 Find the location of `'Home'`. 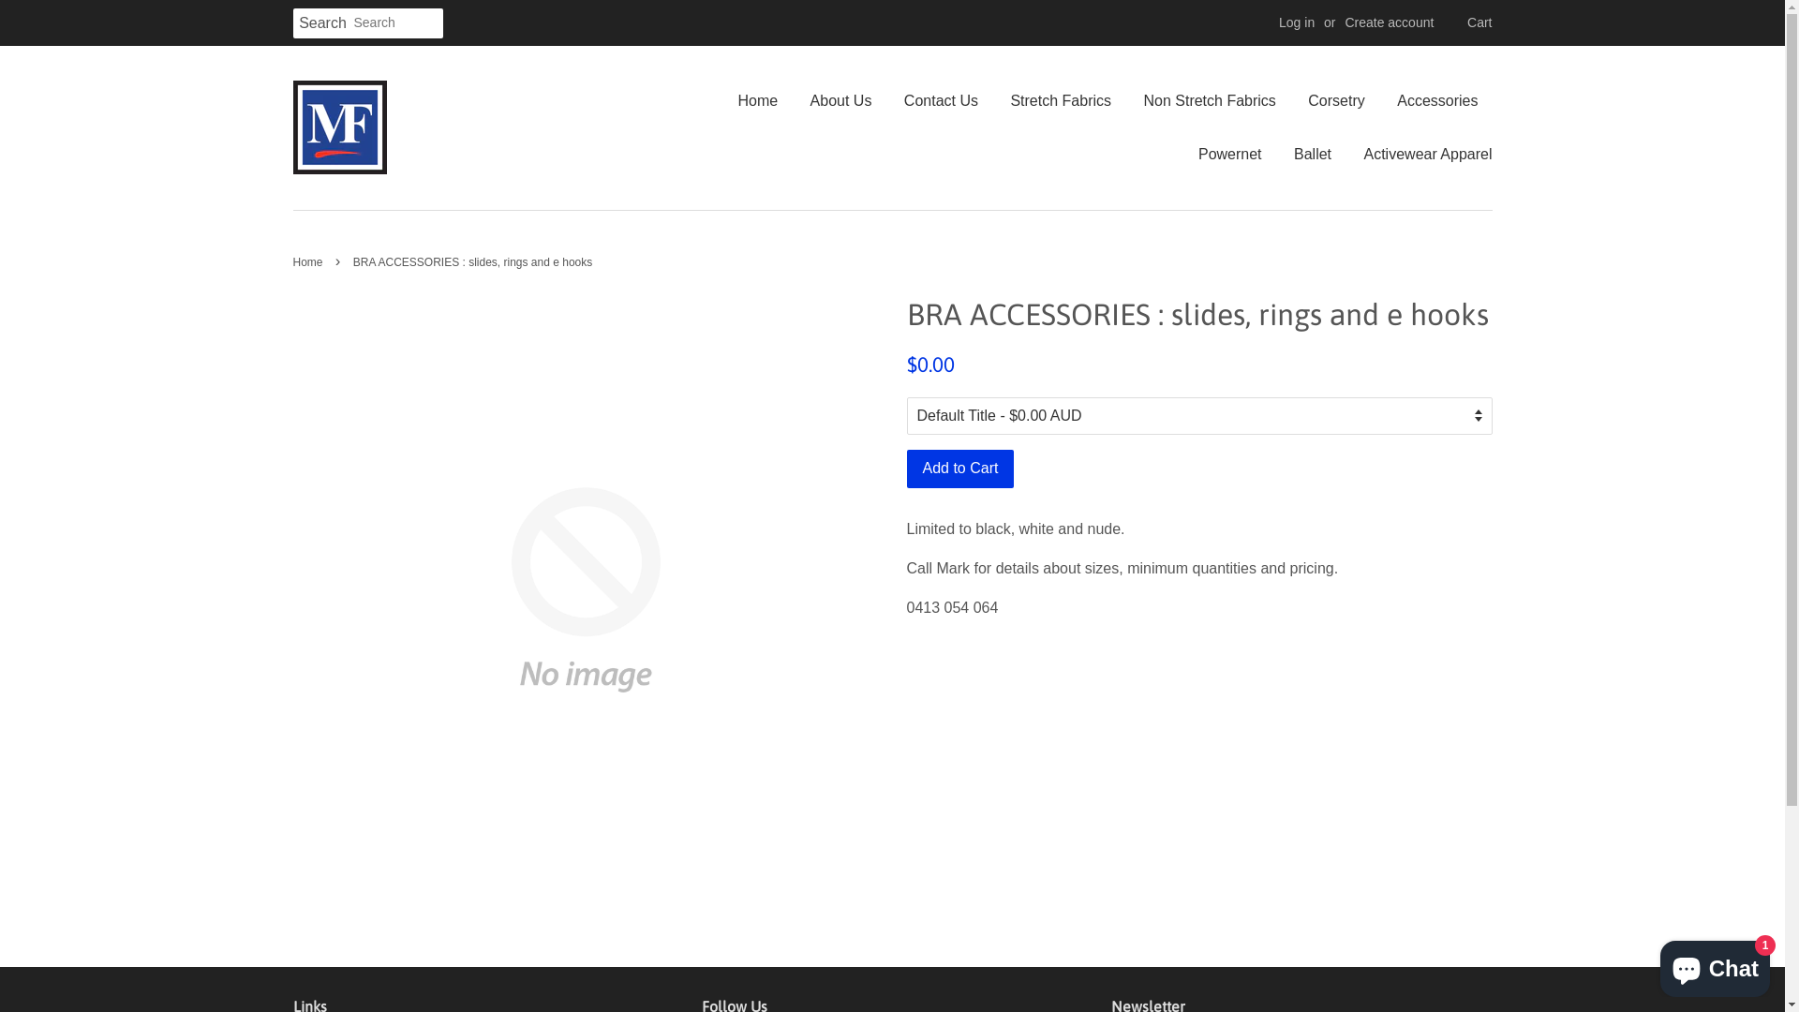

'Home' is located at coordinates (309, 262).